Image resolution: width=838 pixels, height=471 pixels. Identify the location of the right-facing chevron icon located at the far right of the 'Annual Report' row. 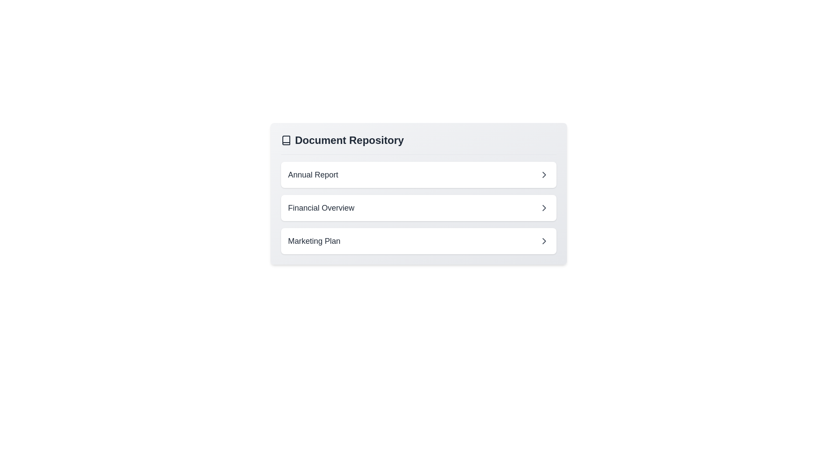
(544, 175).